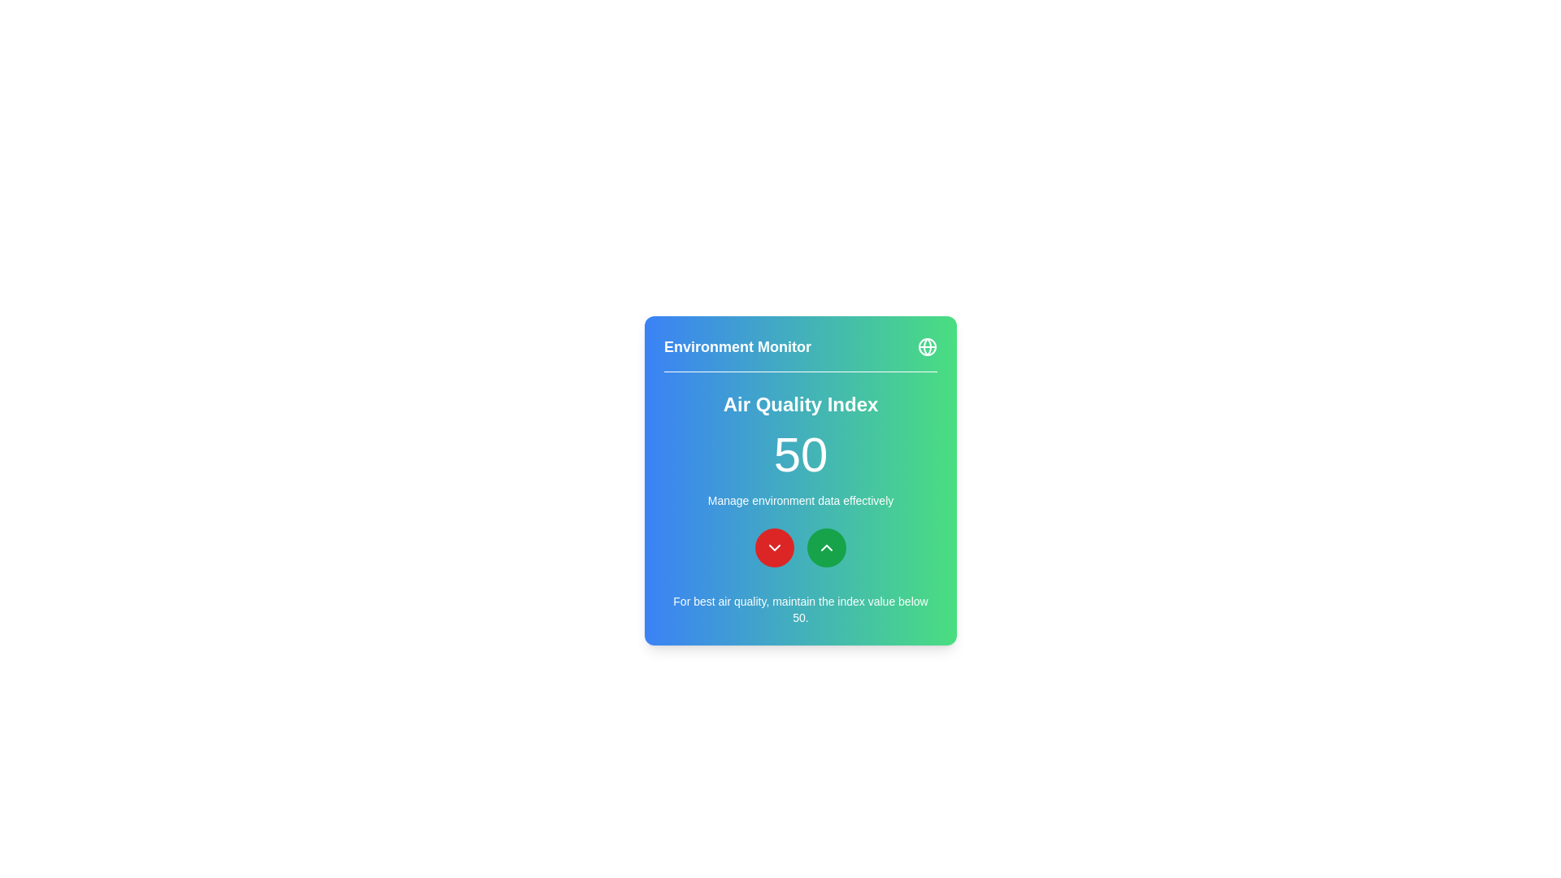 This screenshot has width=1561, height=878. I want to click on the second button in the horizontal group located below the 'Air Quality Index' value, so click(827, 548).